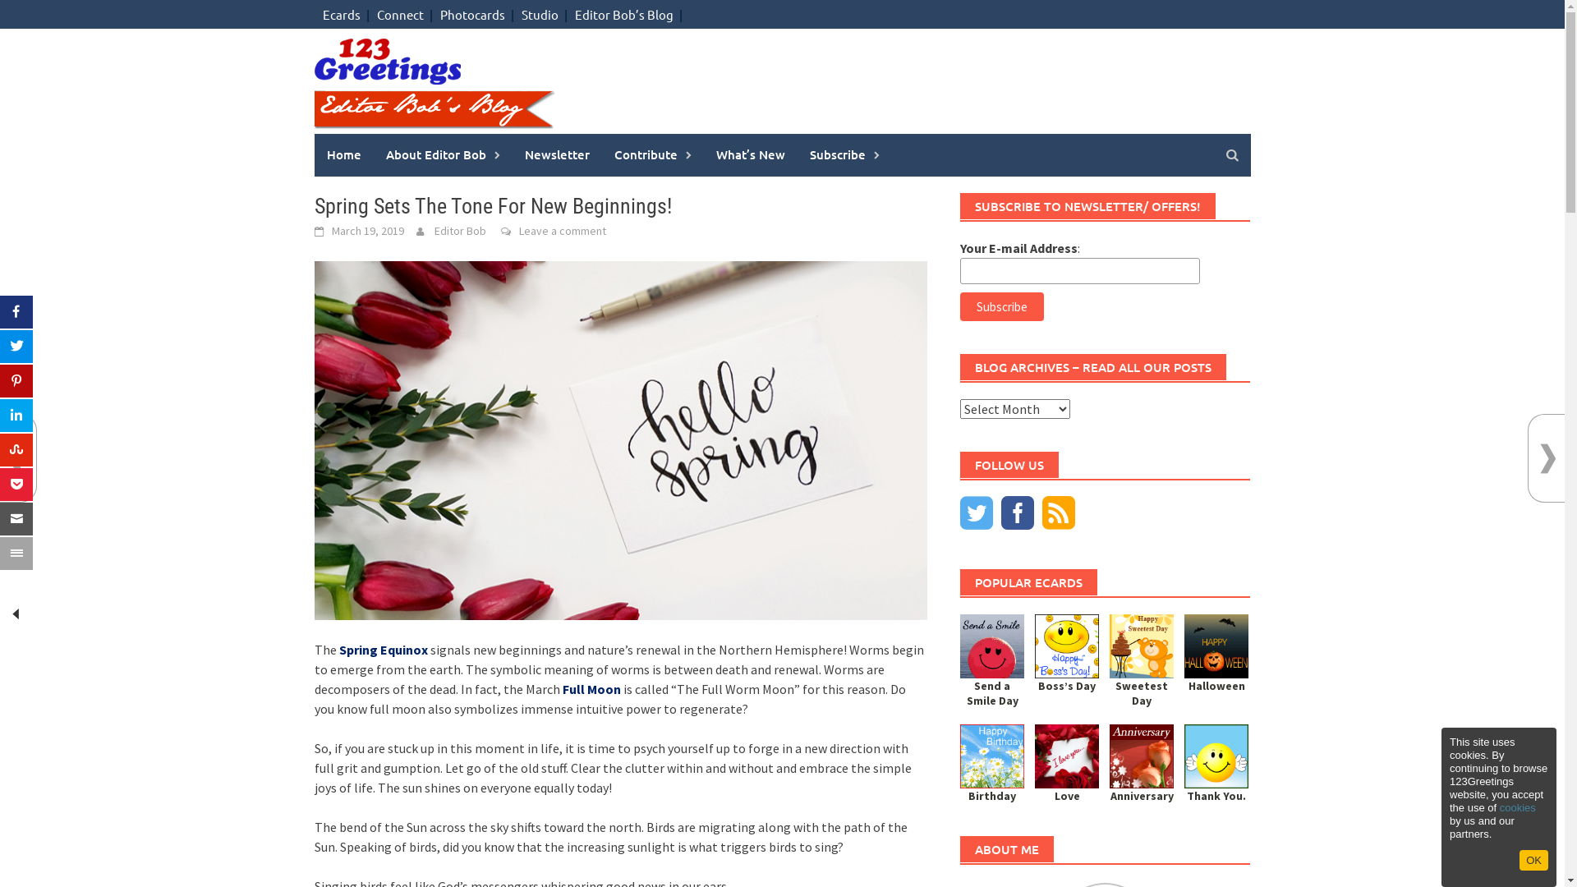 The image size is (1577, 887). I want to click on 'March 19, 2019', so click(366, 231).